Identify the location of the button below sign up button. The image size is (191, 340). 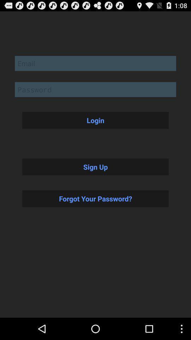
(95, 198).